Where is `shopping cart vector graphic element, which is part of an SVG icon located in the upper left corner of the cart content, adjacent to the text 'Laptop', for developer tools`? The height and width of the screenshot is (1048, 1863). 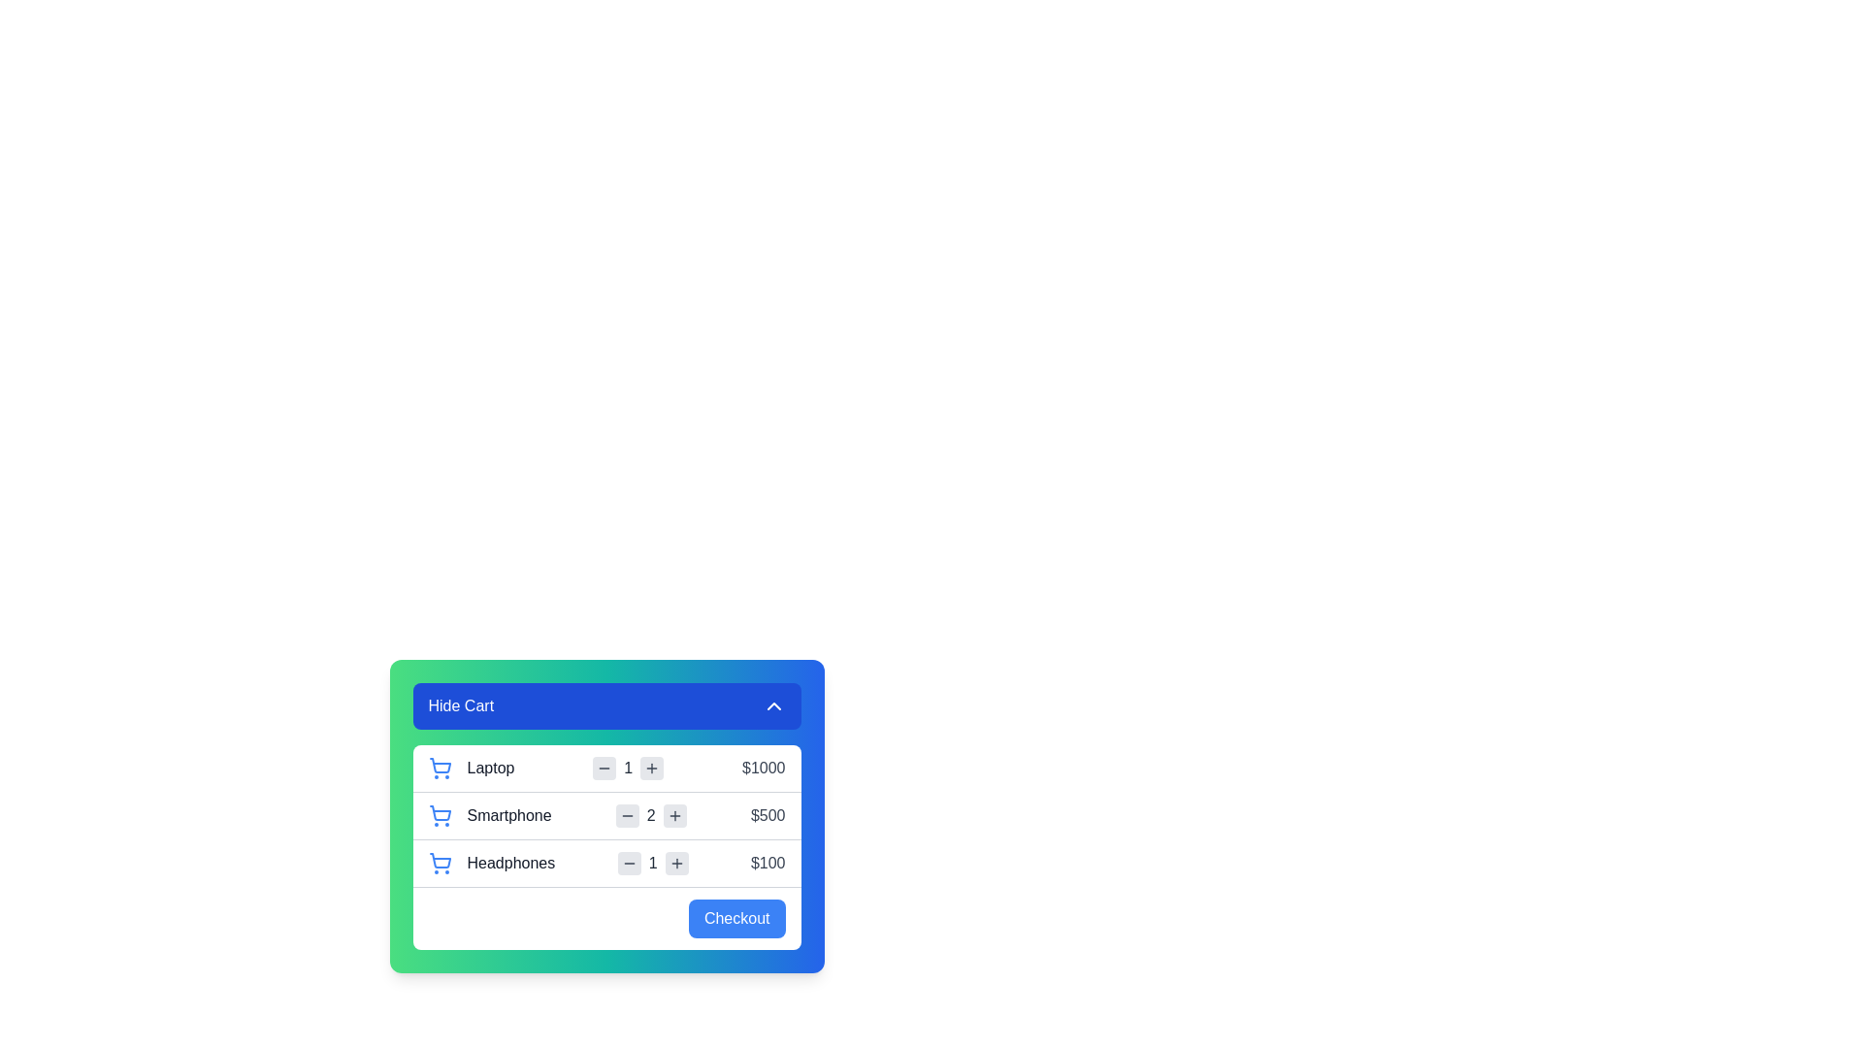
shopping cart vector graphic element, which is part of an SVG icon located in the upper left corner of the cart content, adjacent to the text 'Laptop', for developer tools is located at coordinates (439, 765).